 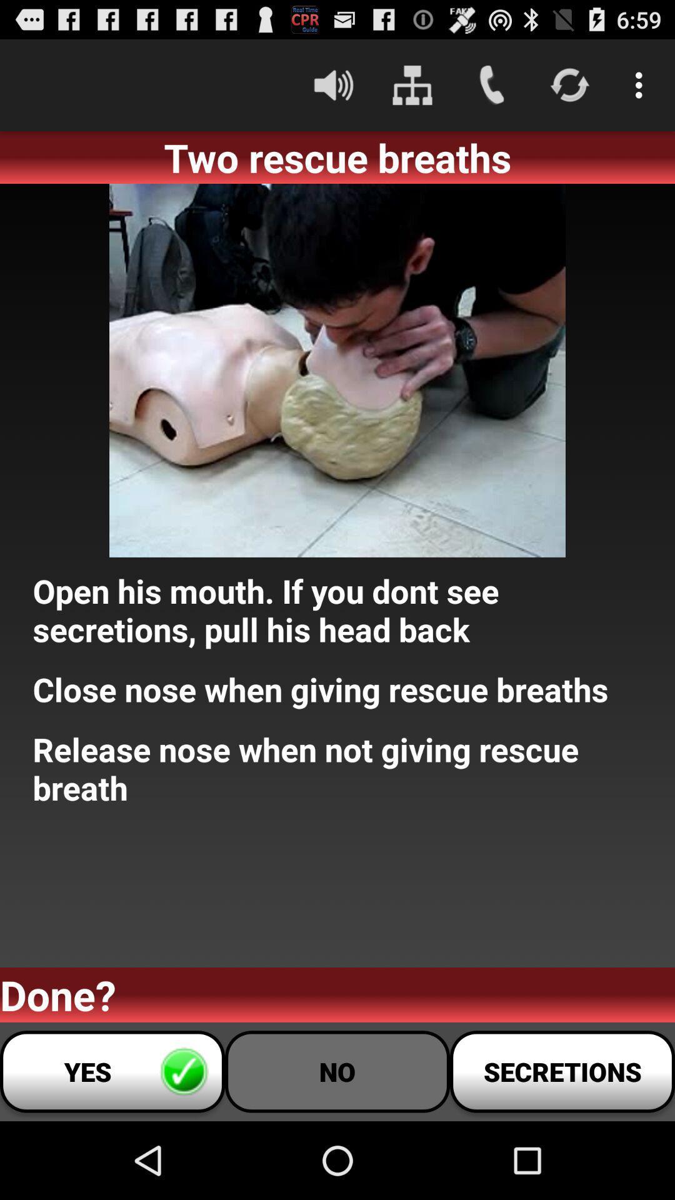 I want to click on the icon above two rescue breaths, so click(x=642, y=84).